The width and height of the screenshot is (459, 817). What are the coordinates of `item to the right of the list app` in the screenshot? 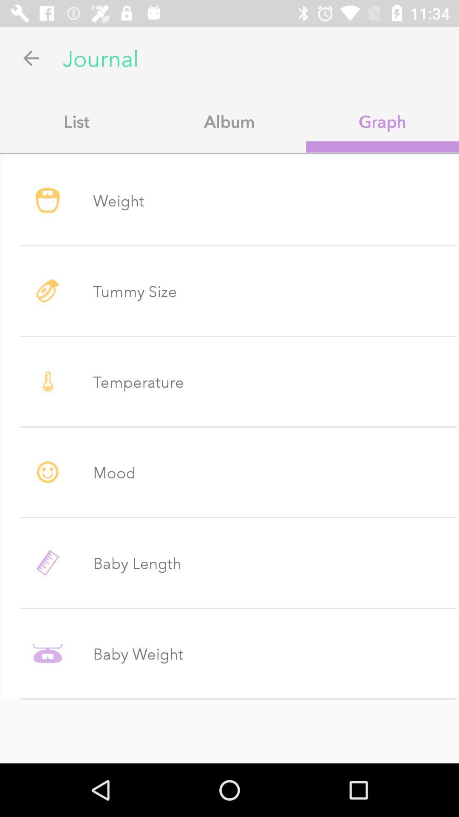 It's located at (229, 121).